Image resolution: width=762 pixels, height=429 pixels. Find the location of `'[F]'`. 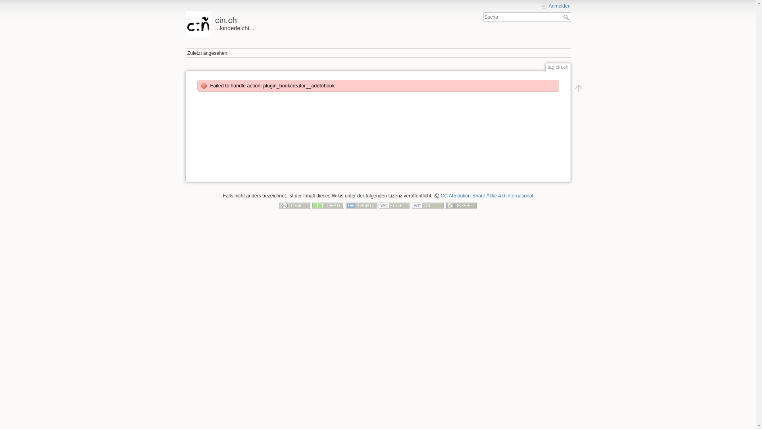

'[F]' is located at coordinates (527, 17).